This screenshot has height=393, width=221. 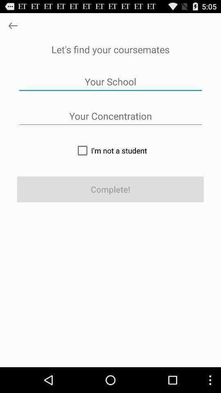 What do you see at coordinates (110, 81) in the screenshot?
I see `app below let s find app` at bounding box center [110, 81].